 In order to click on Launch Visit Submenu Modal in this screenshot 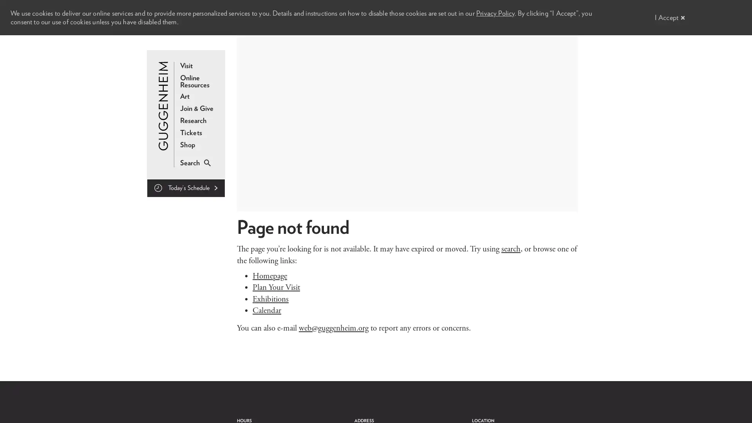, I will do `click(186, 65)`.